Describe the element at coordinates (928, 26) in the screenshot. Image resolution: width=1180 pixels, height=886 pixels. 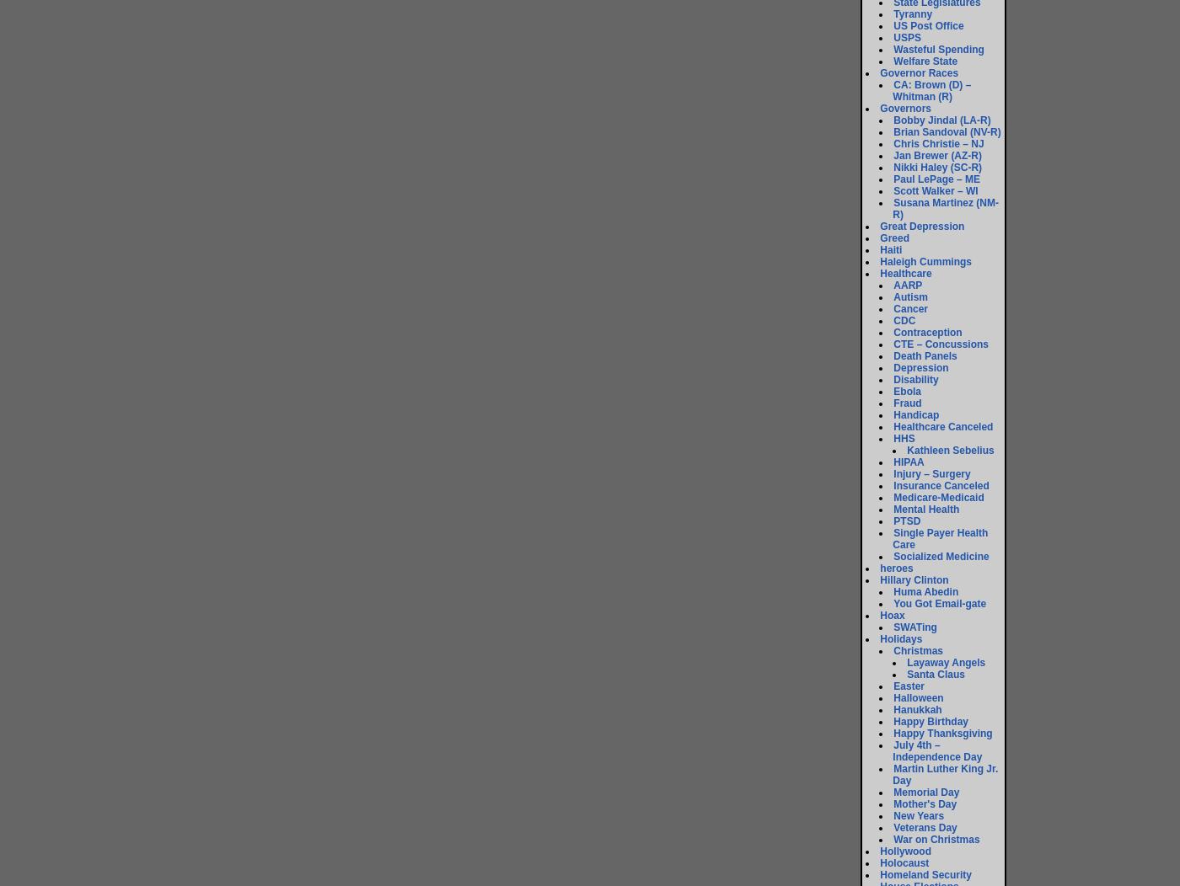
I see `'US Post Office'` at that location.